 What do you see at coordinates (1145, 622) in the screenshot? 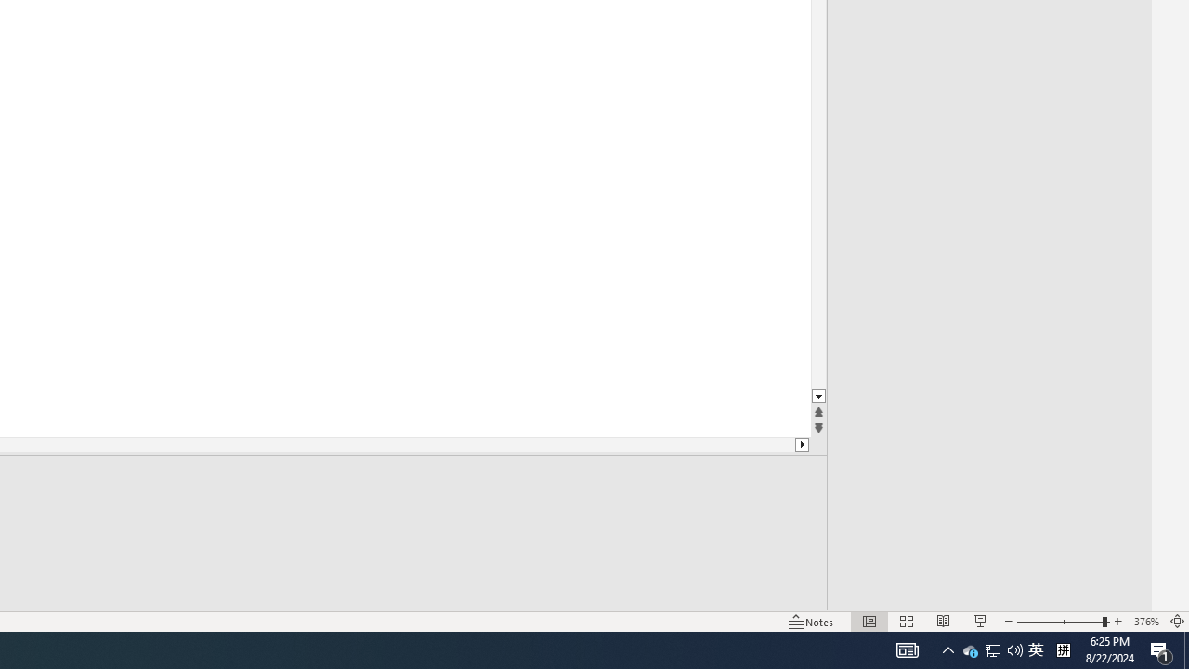
I see `'Zoom 376%'` at bounding box center [1145, 622].